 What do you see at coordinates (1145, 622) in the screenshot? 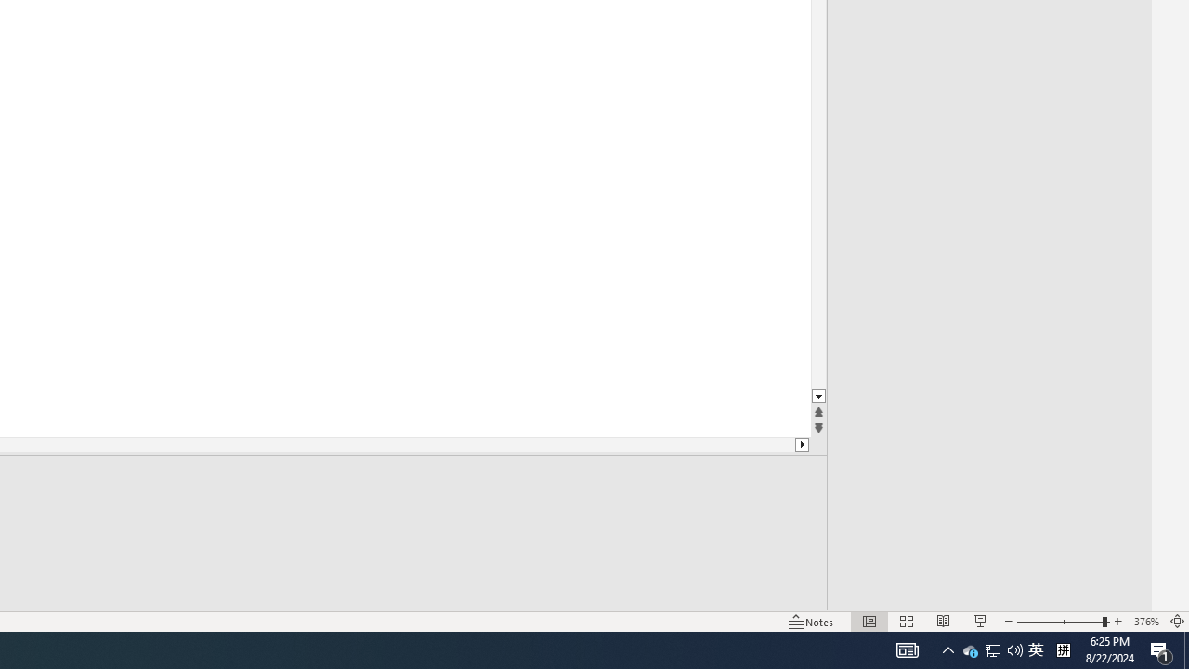
I see `'Zoom 376%'` at bounding box center [1145, 622].